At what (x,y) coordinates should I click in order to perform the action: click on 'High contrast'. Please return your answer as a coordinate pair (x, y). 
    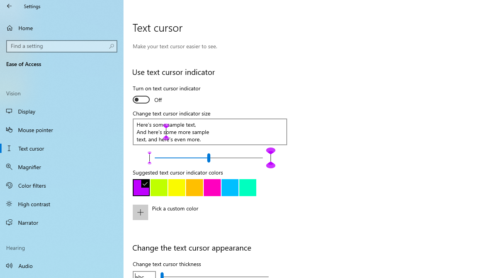
    Looking at the image, I should click on (62, 203).